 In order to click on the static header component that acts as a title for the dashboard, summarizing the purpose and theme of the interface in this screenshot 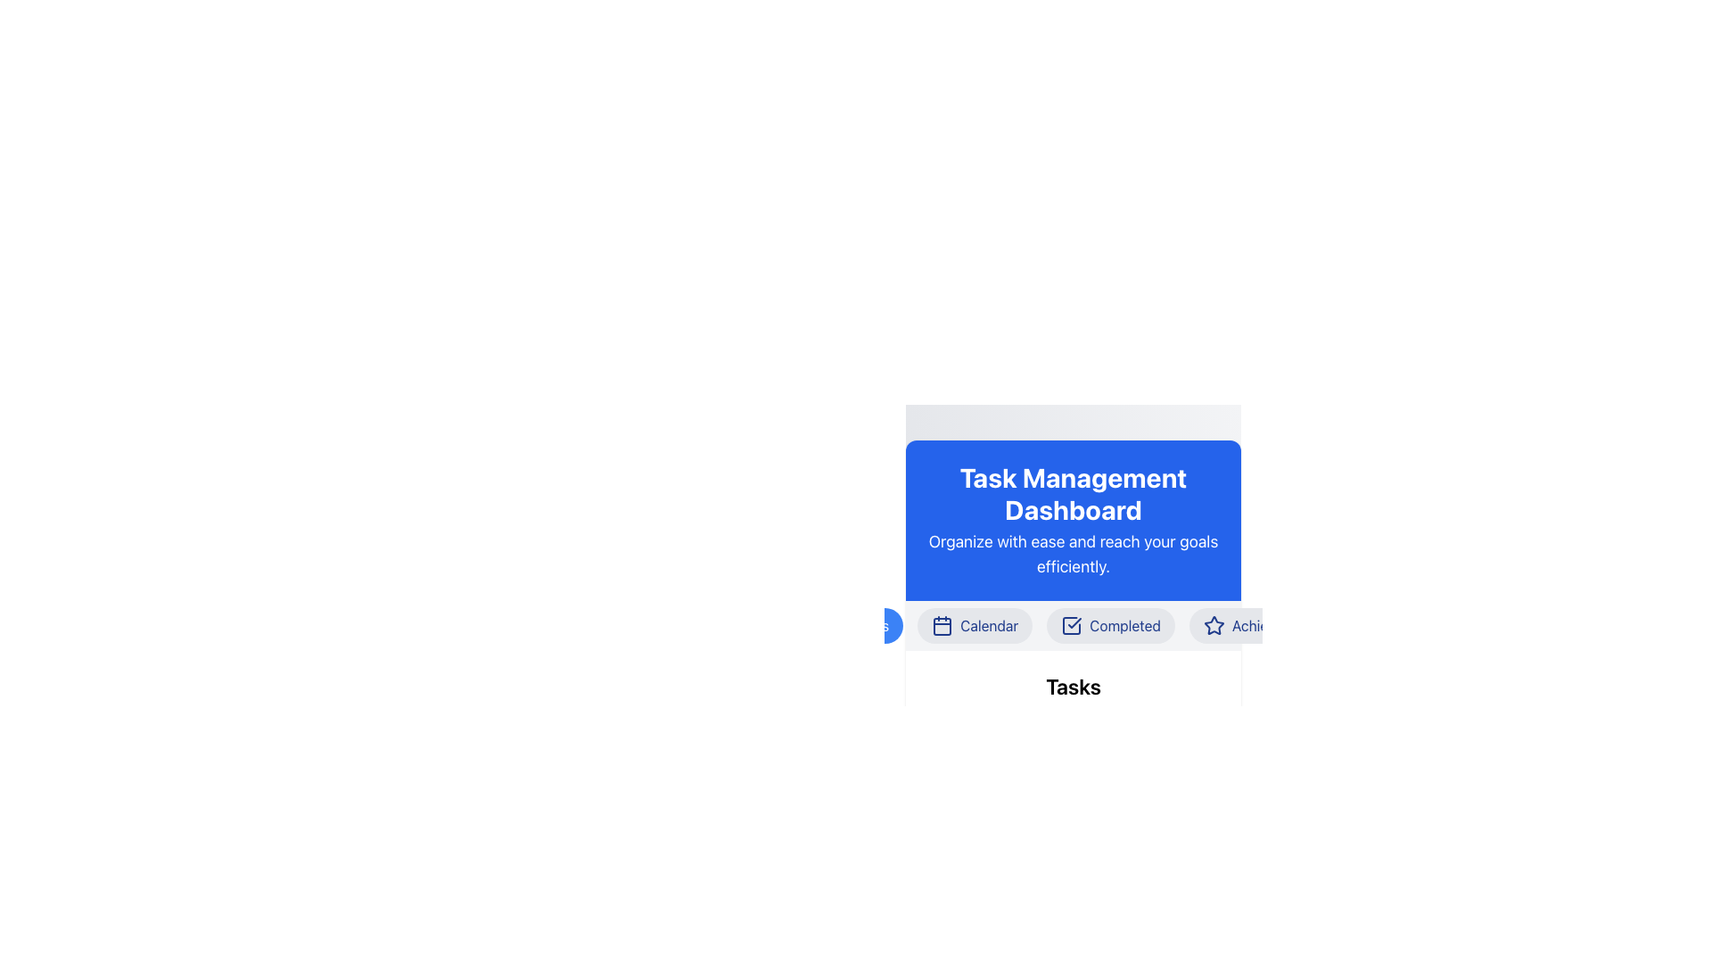, I will do `click(1073, 520)`.